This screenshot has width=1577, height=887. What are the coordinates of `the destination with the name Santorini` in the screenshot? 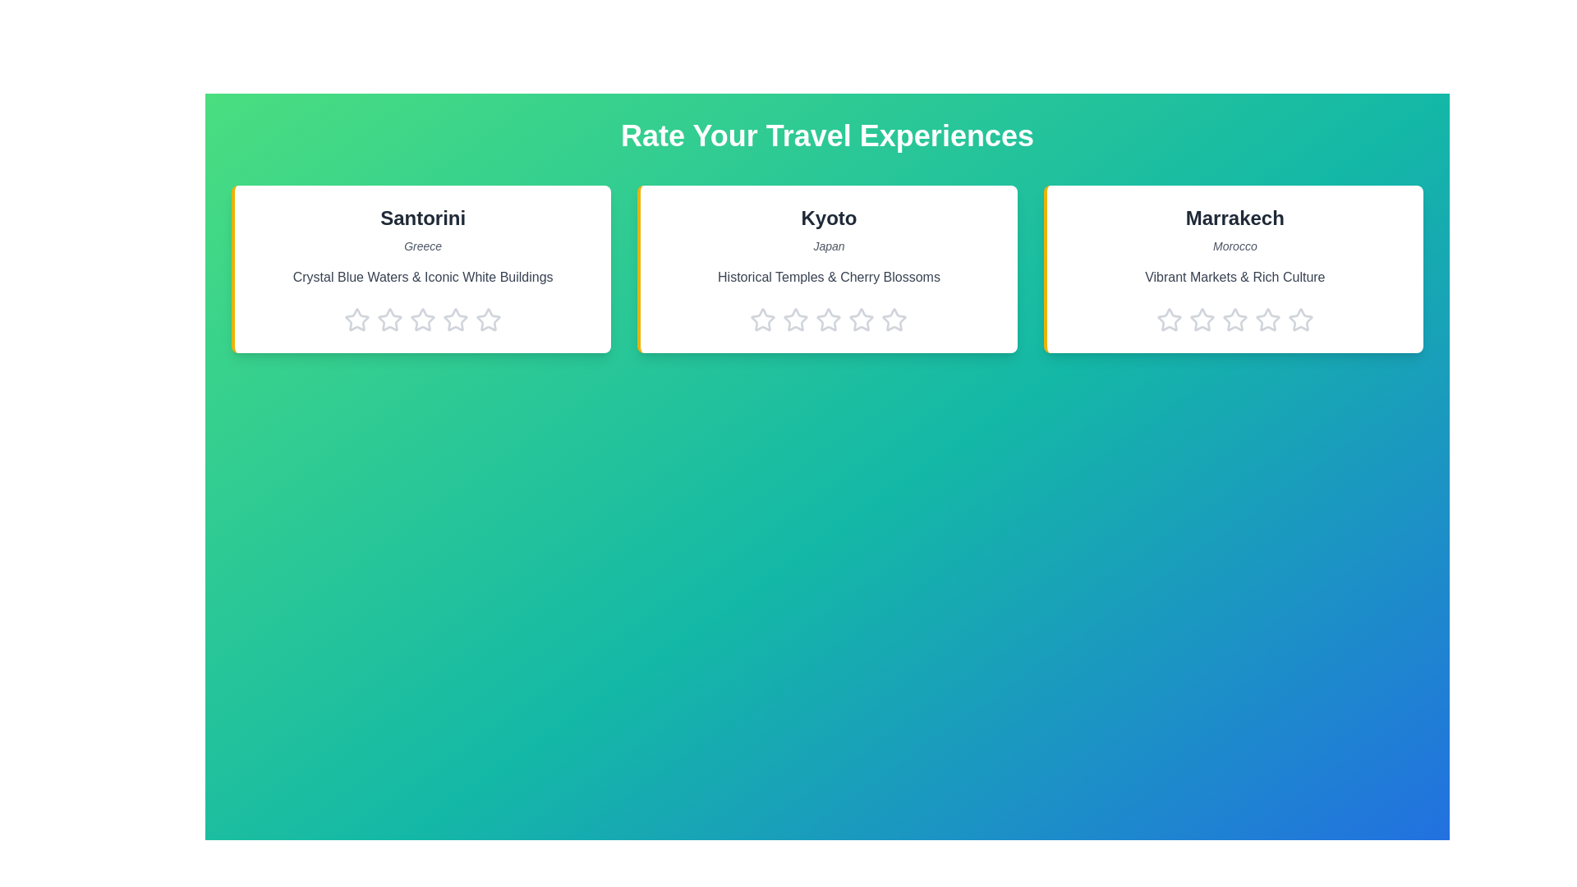 It's located at (422, 218).